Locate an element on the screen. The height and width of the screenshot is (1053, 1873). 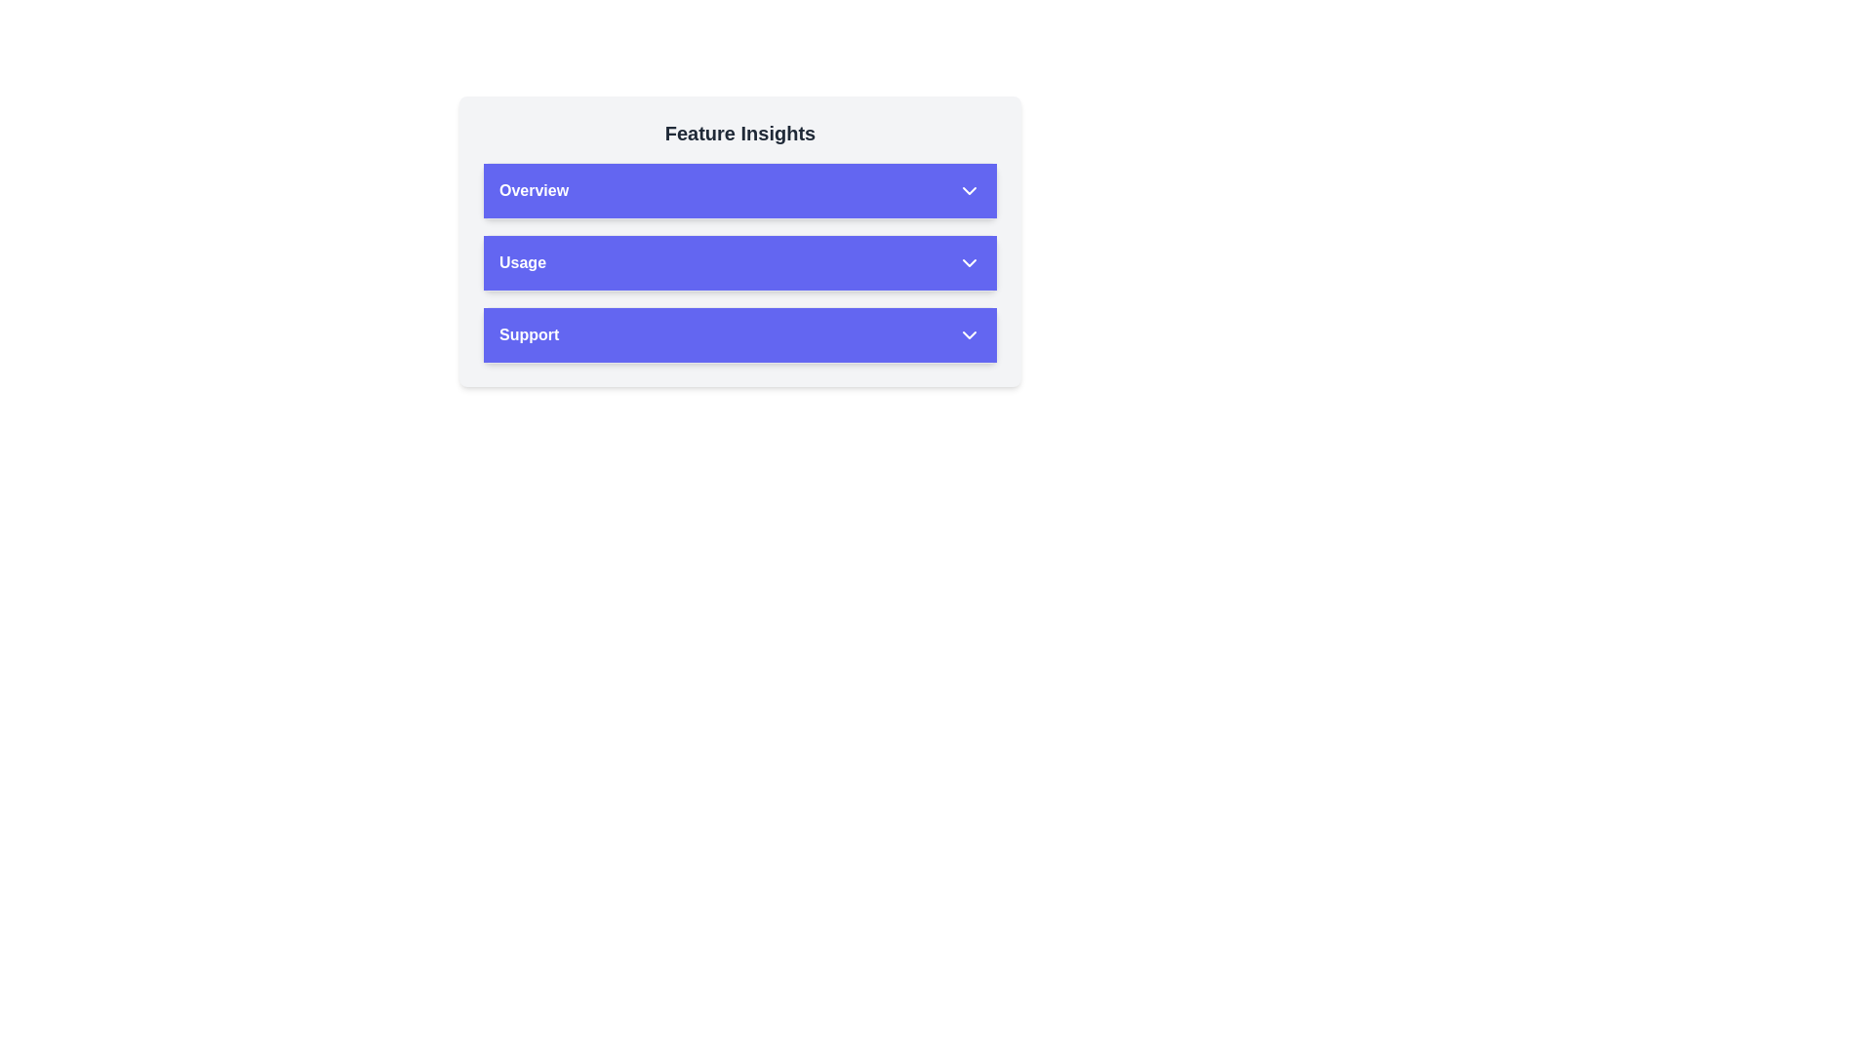
the Chevron icon located at the bottom entry of the 'Support' button is located at coordinates (969, 333).